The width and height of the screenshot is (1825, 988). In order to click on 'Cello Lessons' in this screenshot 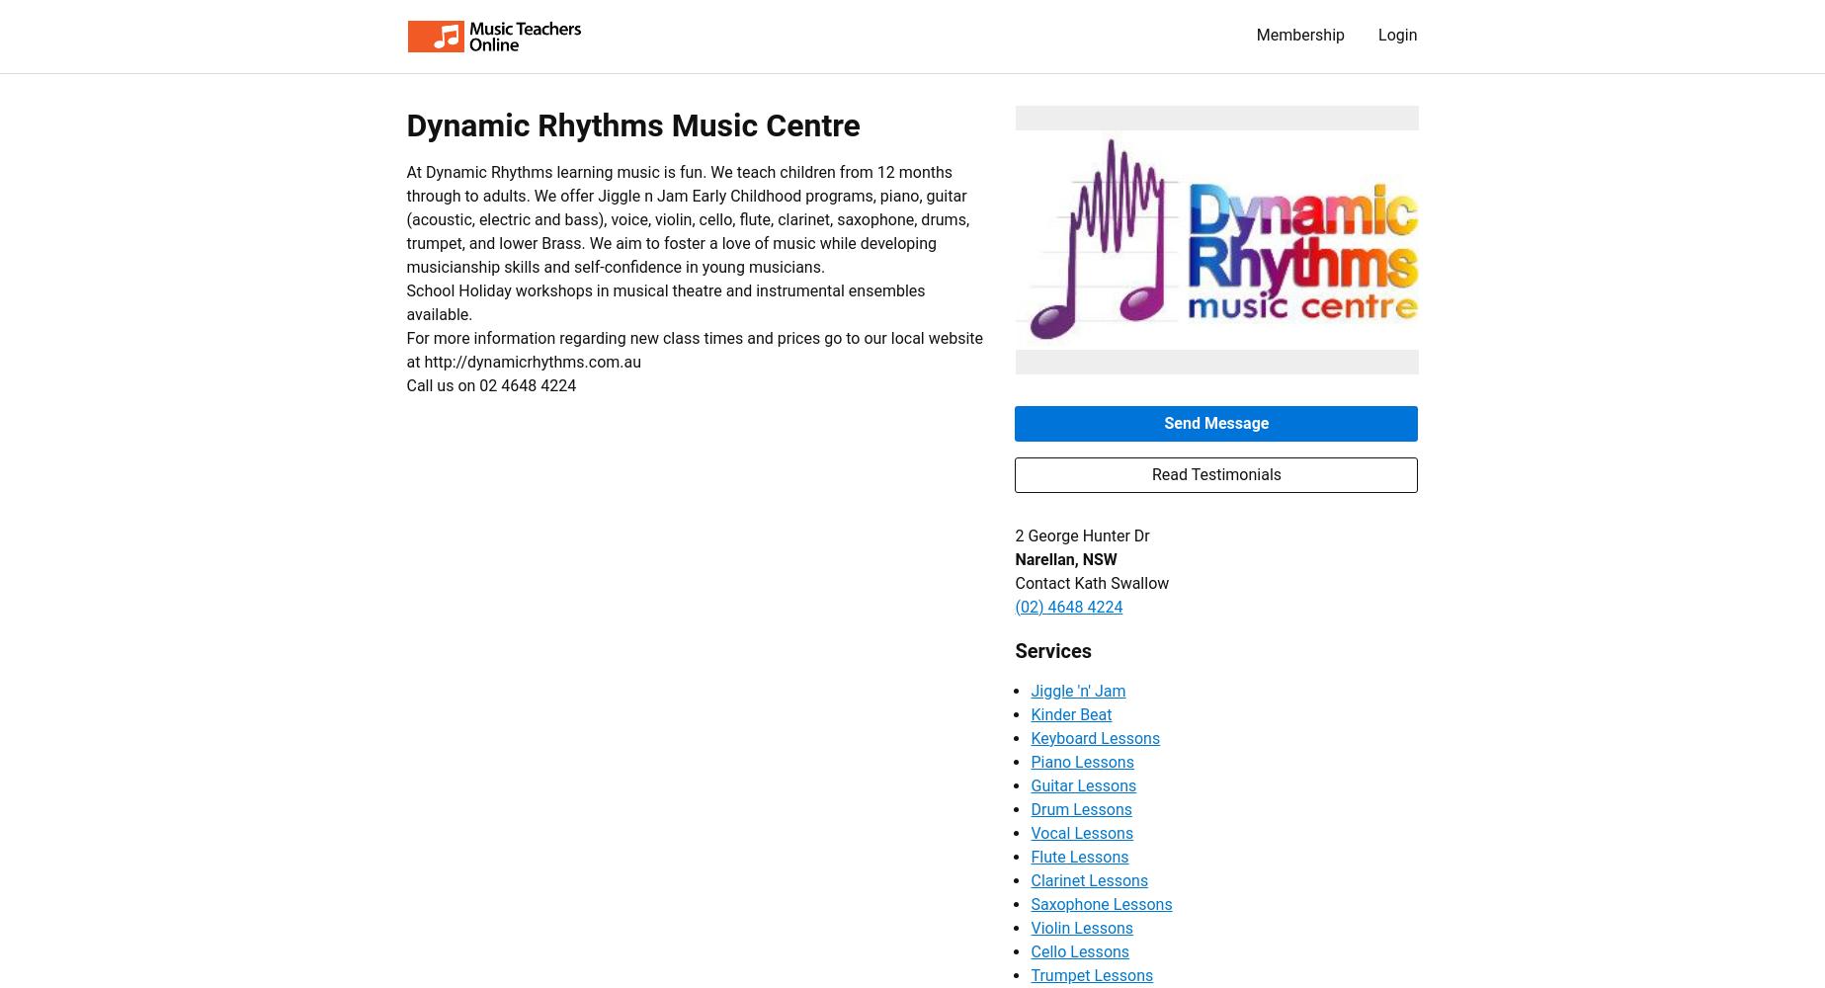, I will do `click(1079, 949)`.